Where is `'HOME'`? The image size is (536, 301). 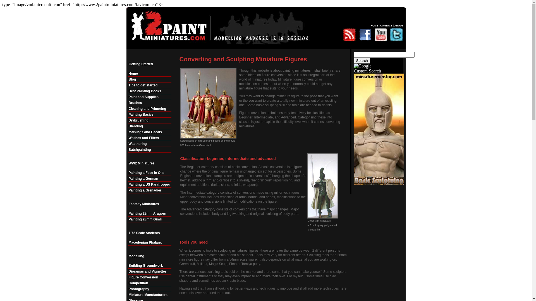
'HOME' is located at coordinates (374, 26).